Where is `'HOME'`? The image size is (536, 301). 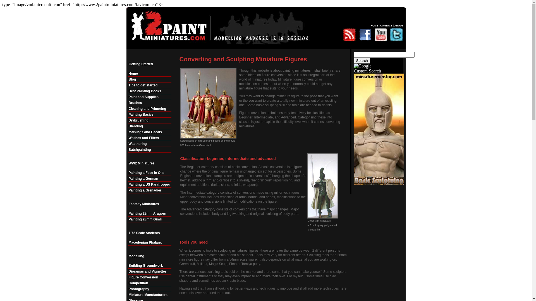
'HOME' is located at coordinates (374, 26).